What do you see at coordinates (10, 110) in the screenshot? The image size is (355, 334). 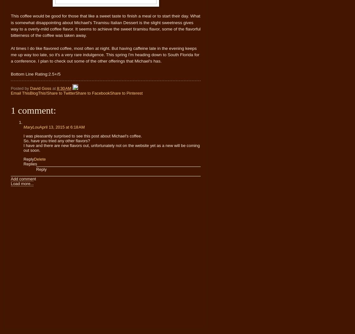 I see `'1 comment:'` at bounding box center [10, 110].